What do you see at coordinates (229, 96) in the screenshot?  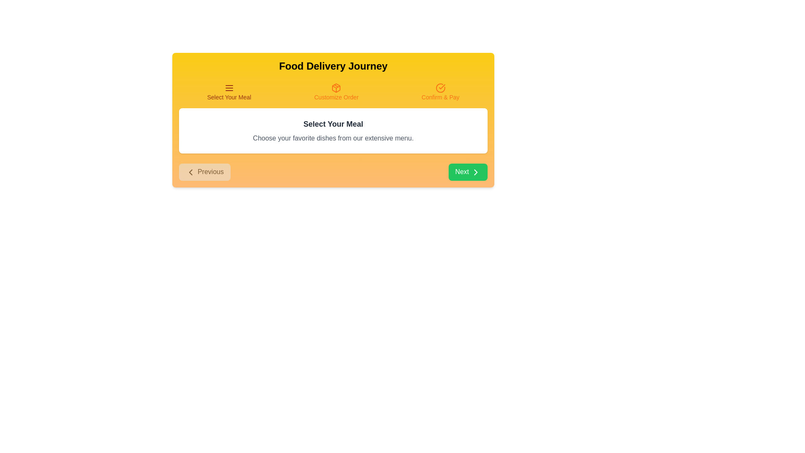 I see `the text label that says 'Select Your Meal', which is styled in orange and located below the hamburger menu icon in the header section of the interface` at bounding box center [229, 96].